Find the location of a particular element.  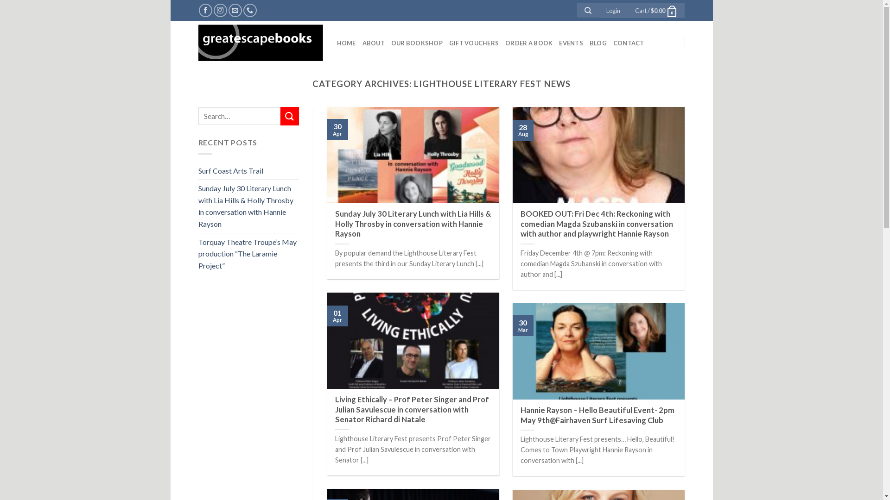

'ORDER A BOOK' is located at coordinates (529, 43).